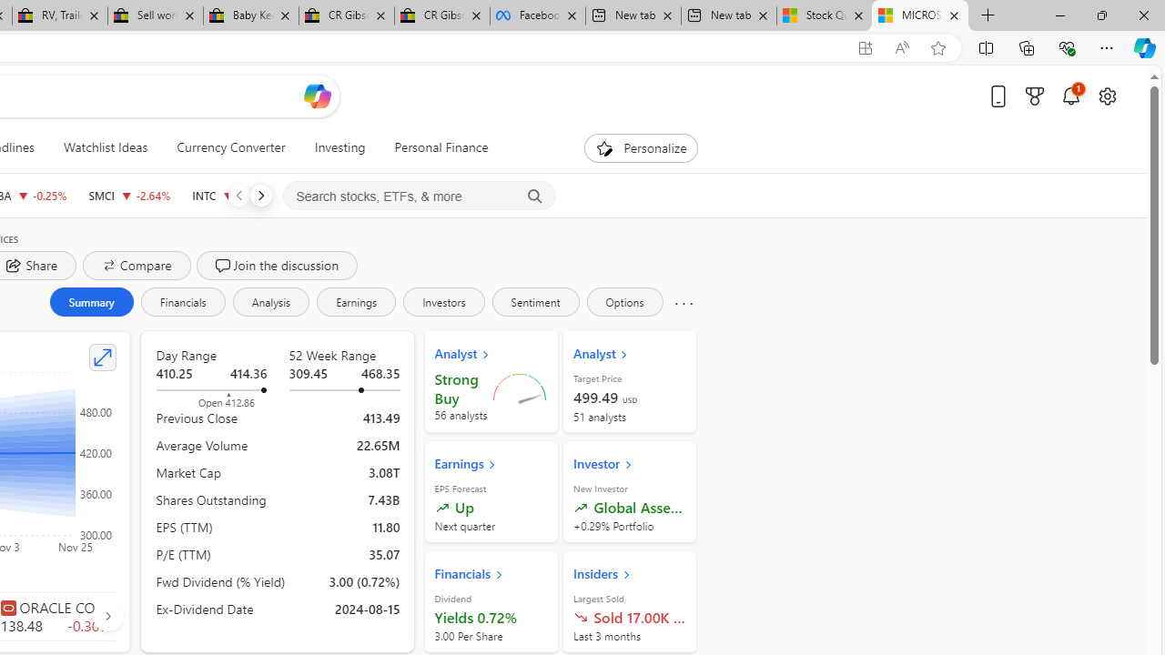  What do you see at coordinates (534, 300) in the screenshot?
I see `'Sentiment'` at bounding box center [534, 300].